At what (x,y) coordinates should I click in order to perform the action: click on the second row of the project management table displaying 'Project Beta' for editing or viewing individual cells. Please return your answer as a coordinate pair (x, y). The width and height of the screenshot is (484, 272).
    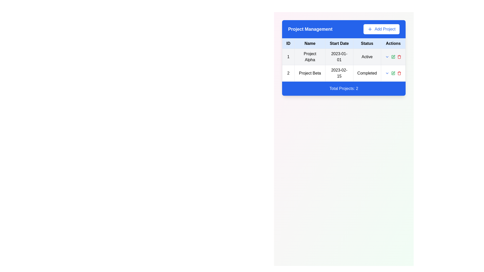
    Looking at the image, I should click on (343, 73).